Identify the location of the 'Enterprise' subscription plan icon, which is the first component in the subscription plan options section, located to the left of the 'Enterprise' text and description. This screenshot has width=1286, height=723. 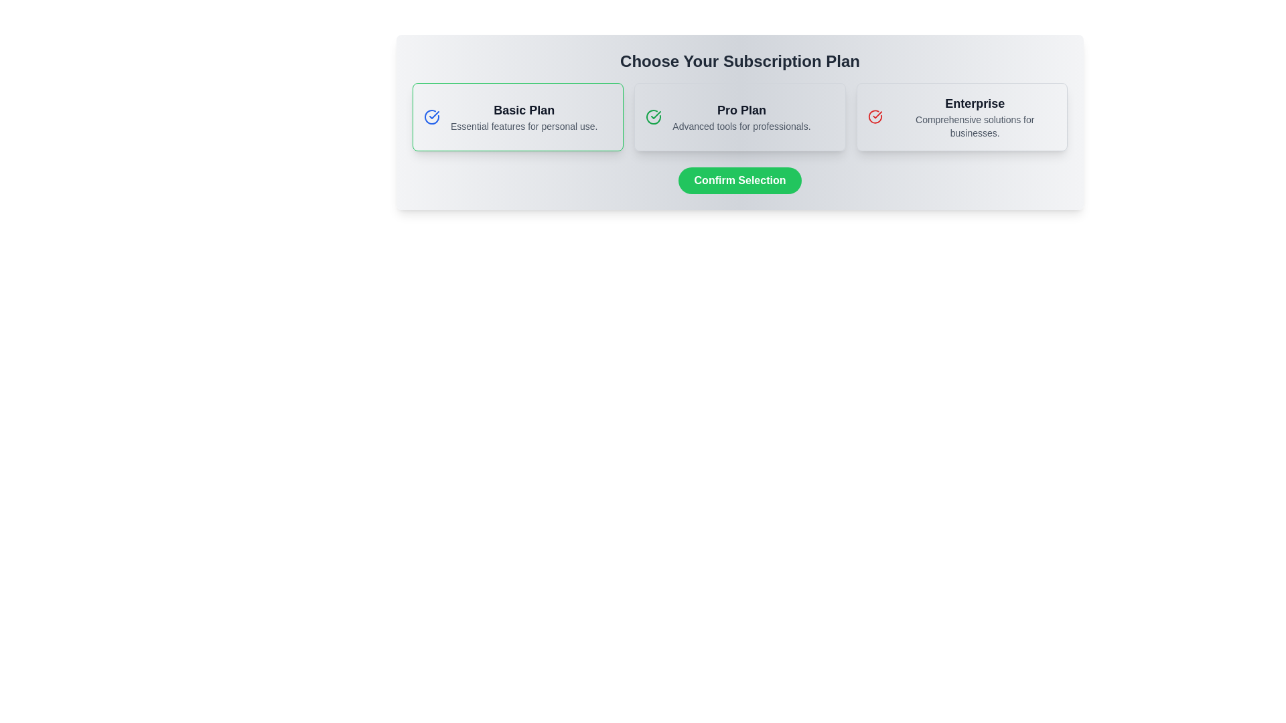
(875, 116).